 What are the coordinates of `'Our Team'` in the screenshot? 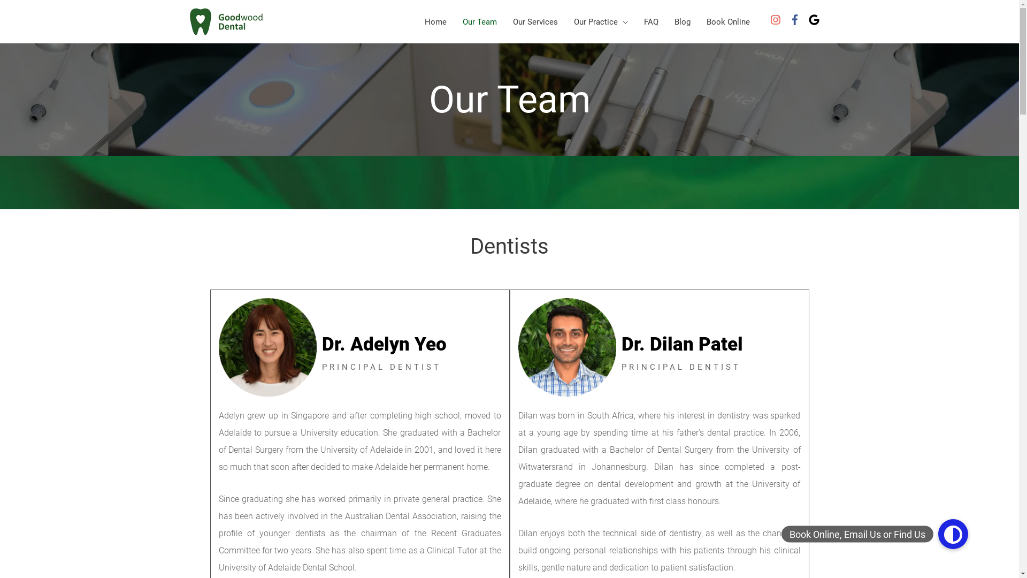 It's located at (454, 21).